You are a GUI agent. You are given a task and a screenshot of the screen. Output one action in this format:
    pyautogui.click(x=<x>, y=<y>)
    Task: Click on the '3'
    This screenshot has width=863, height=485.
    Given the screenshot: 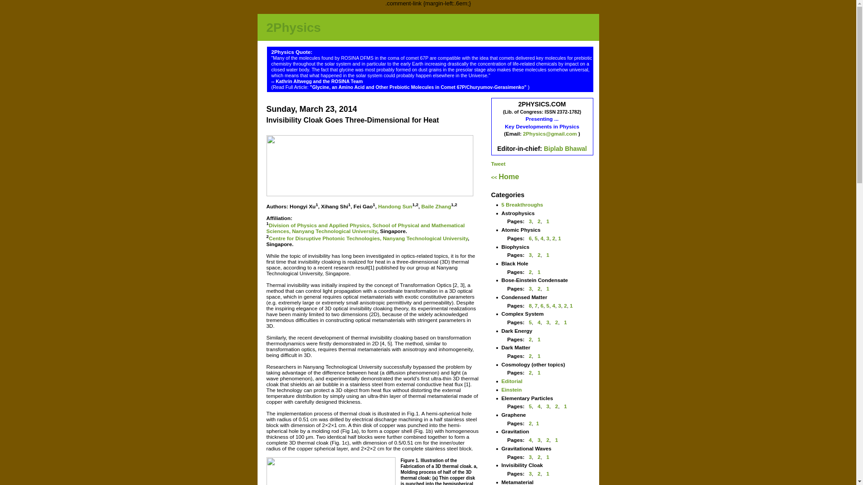 What is the action you would take?
    pyautogui.click(x=530, y=255)
    